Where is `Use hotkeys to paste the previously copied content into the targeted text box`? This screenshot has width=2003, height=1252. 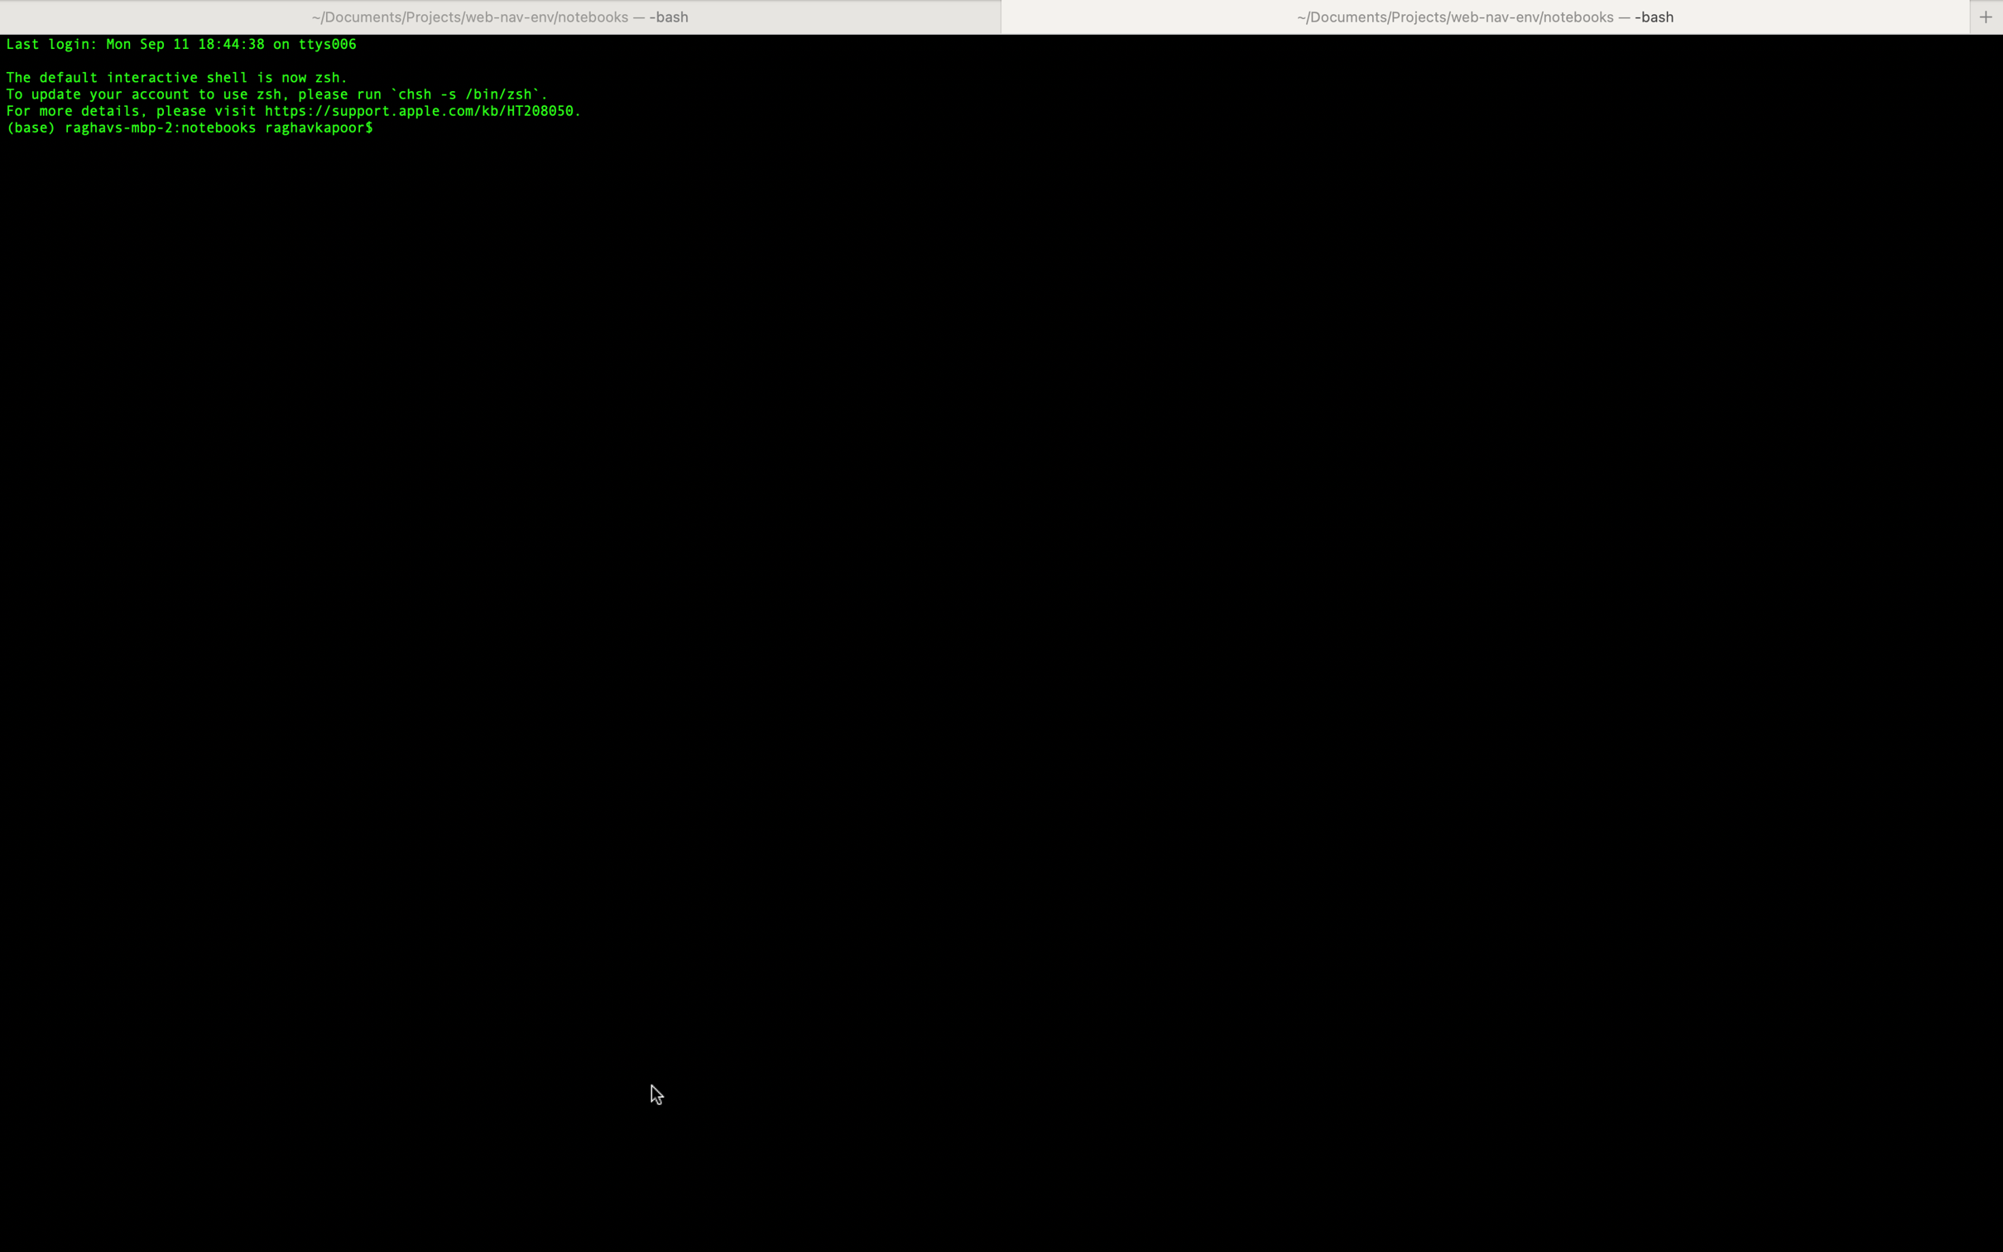
Use hotkeys to paste the previously copied content into the targeted text box is located at coordinates (1189, 125).